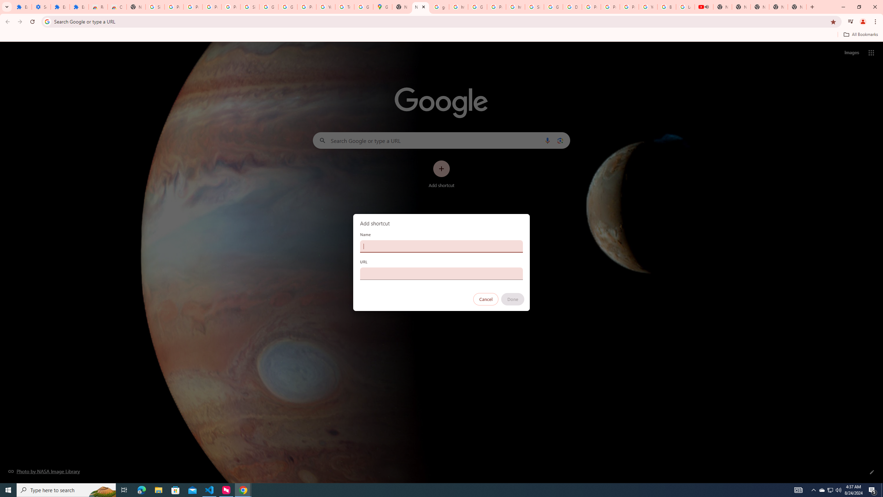  What do you see at coordinates (610, 7) in the screenshot?
I see `'Privacy Help Center - Policies Help'` at bounding box center [610, 7].